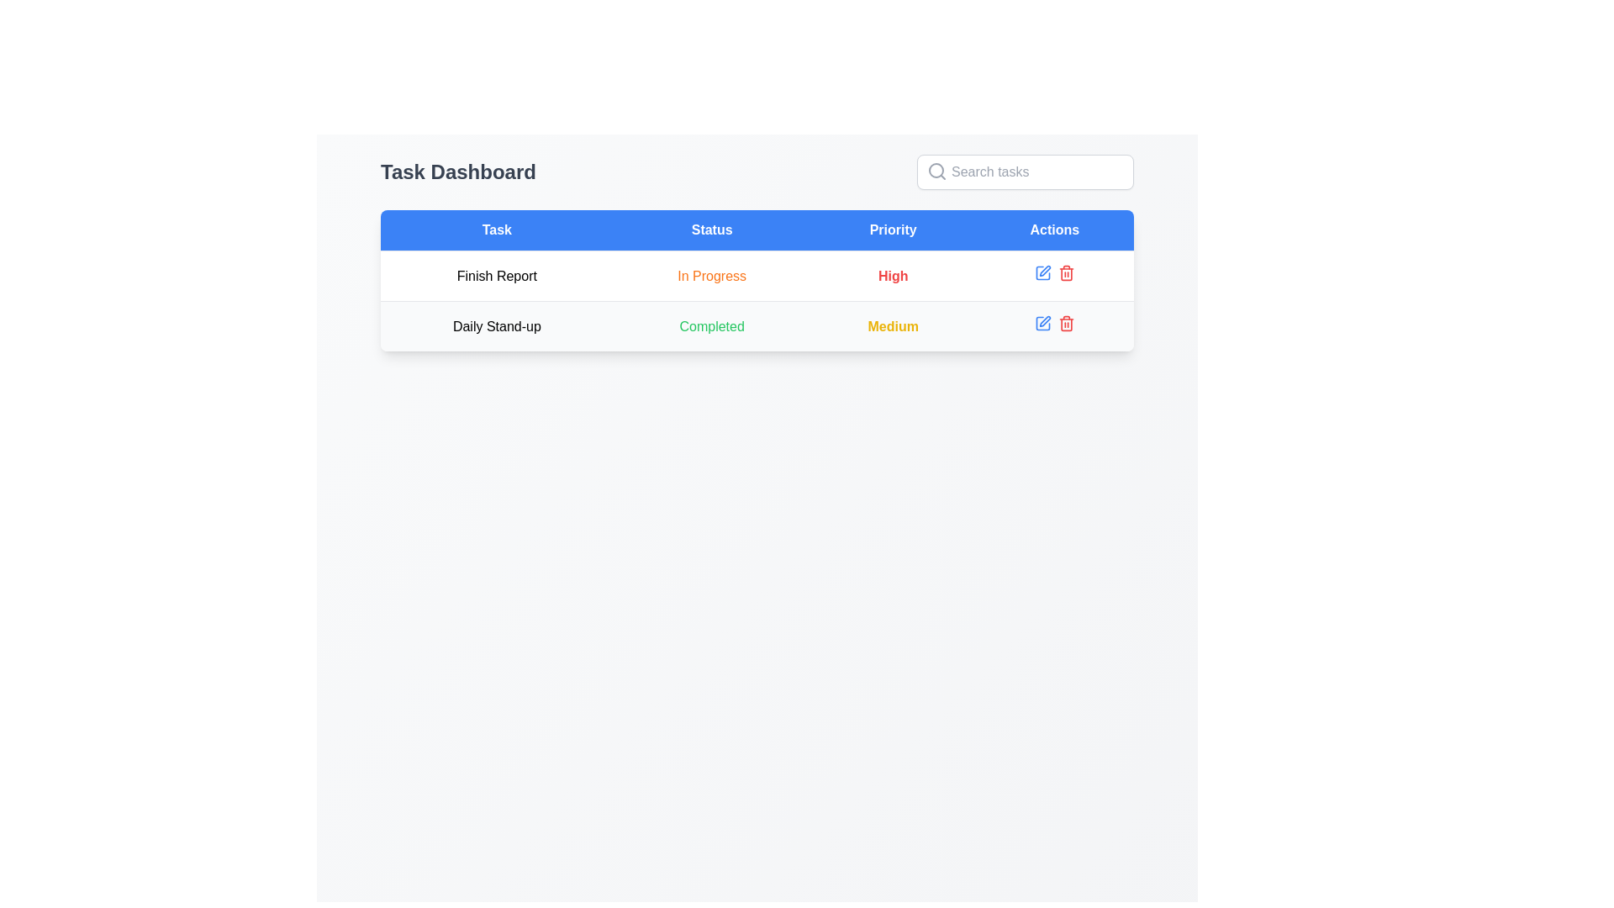 This screenshot has width=1614, height=908. What do you see at coordinates (496, 230) in the screenshot?
I see `the Text Label that features the text 'Task' in white on a blue background, which is the leftmost column header in a four-column table` at bounding box center [496, 230].